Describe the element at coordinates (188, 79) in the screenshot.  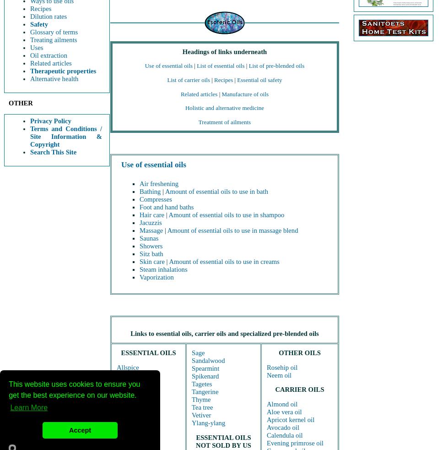
I see `'List of carrier oils'` at that location.